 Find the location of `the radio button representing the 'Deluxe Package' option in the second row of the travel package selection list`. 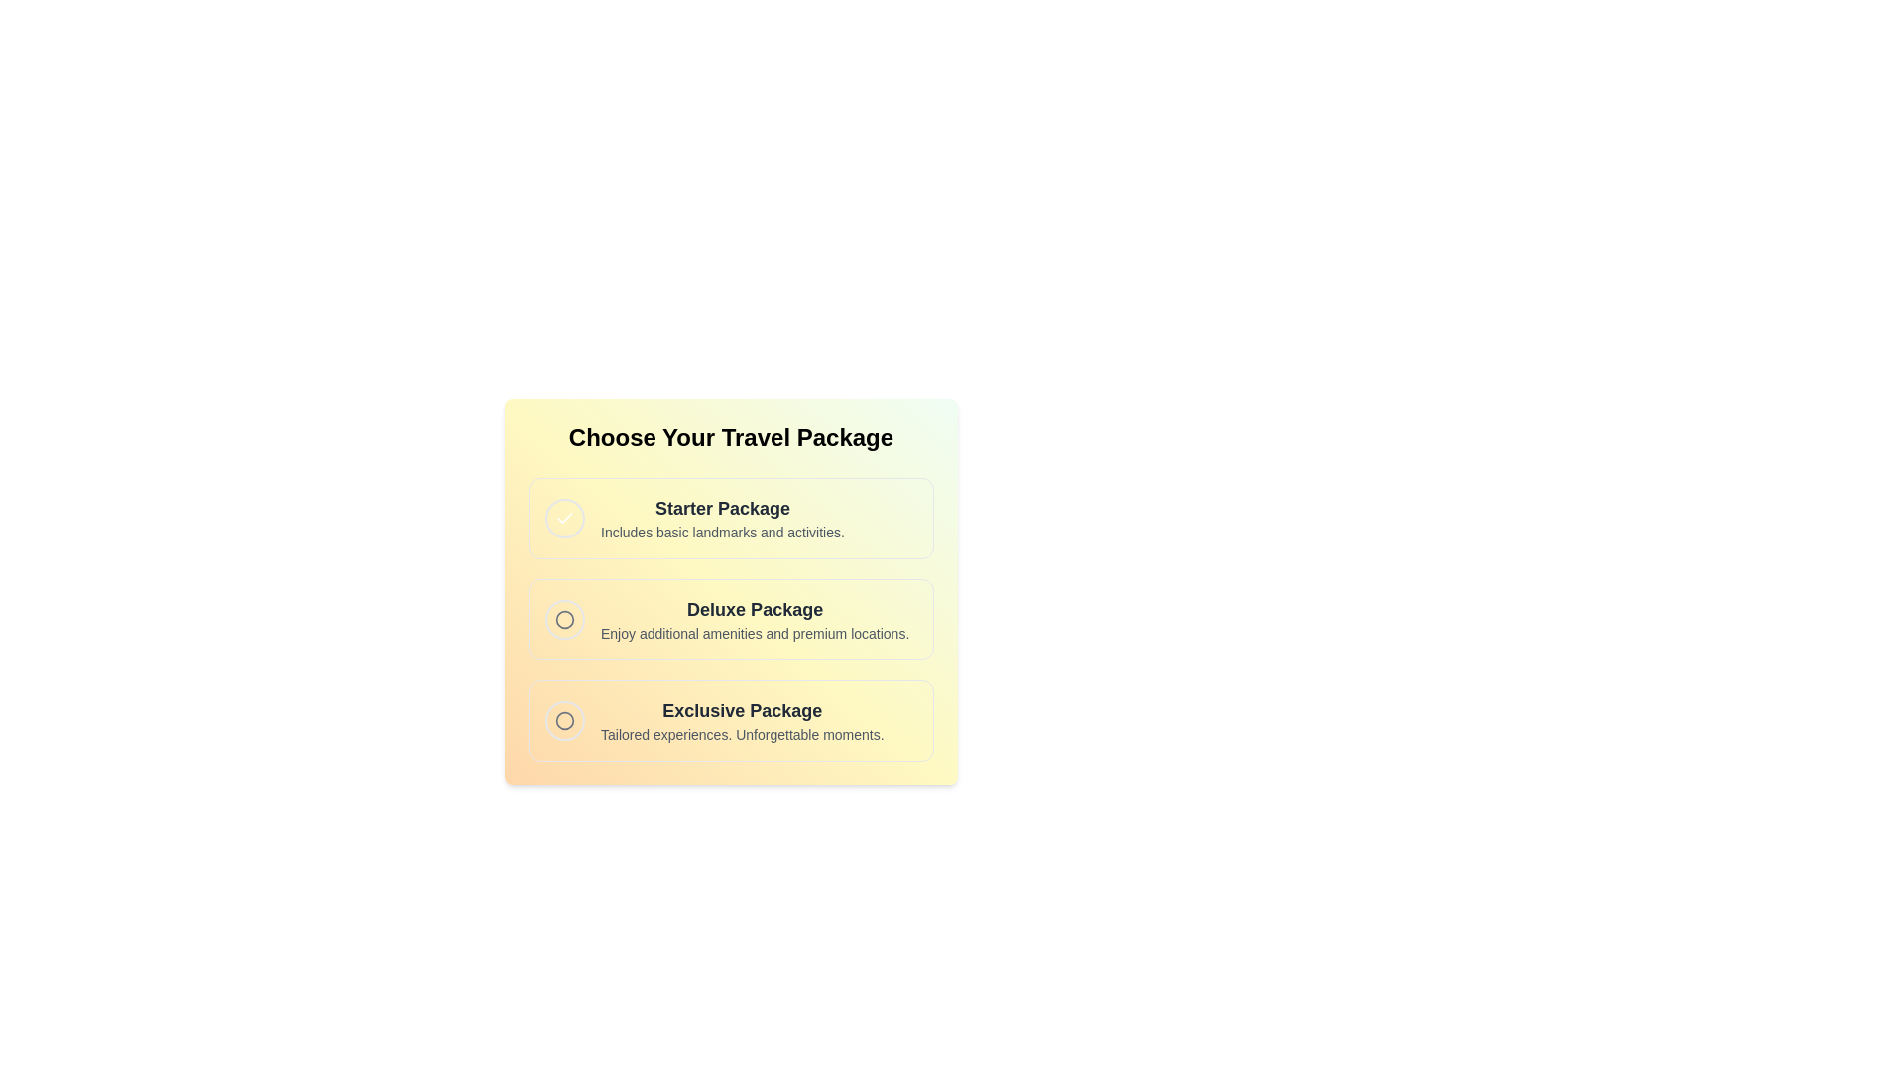

the radio button representing the 'Deluxe Package' option in the second row of the travel package selection list is located at coordinates (564, 618).